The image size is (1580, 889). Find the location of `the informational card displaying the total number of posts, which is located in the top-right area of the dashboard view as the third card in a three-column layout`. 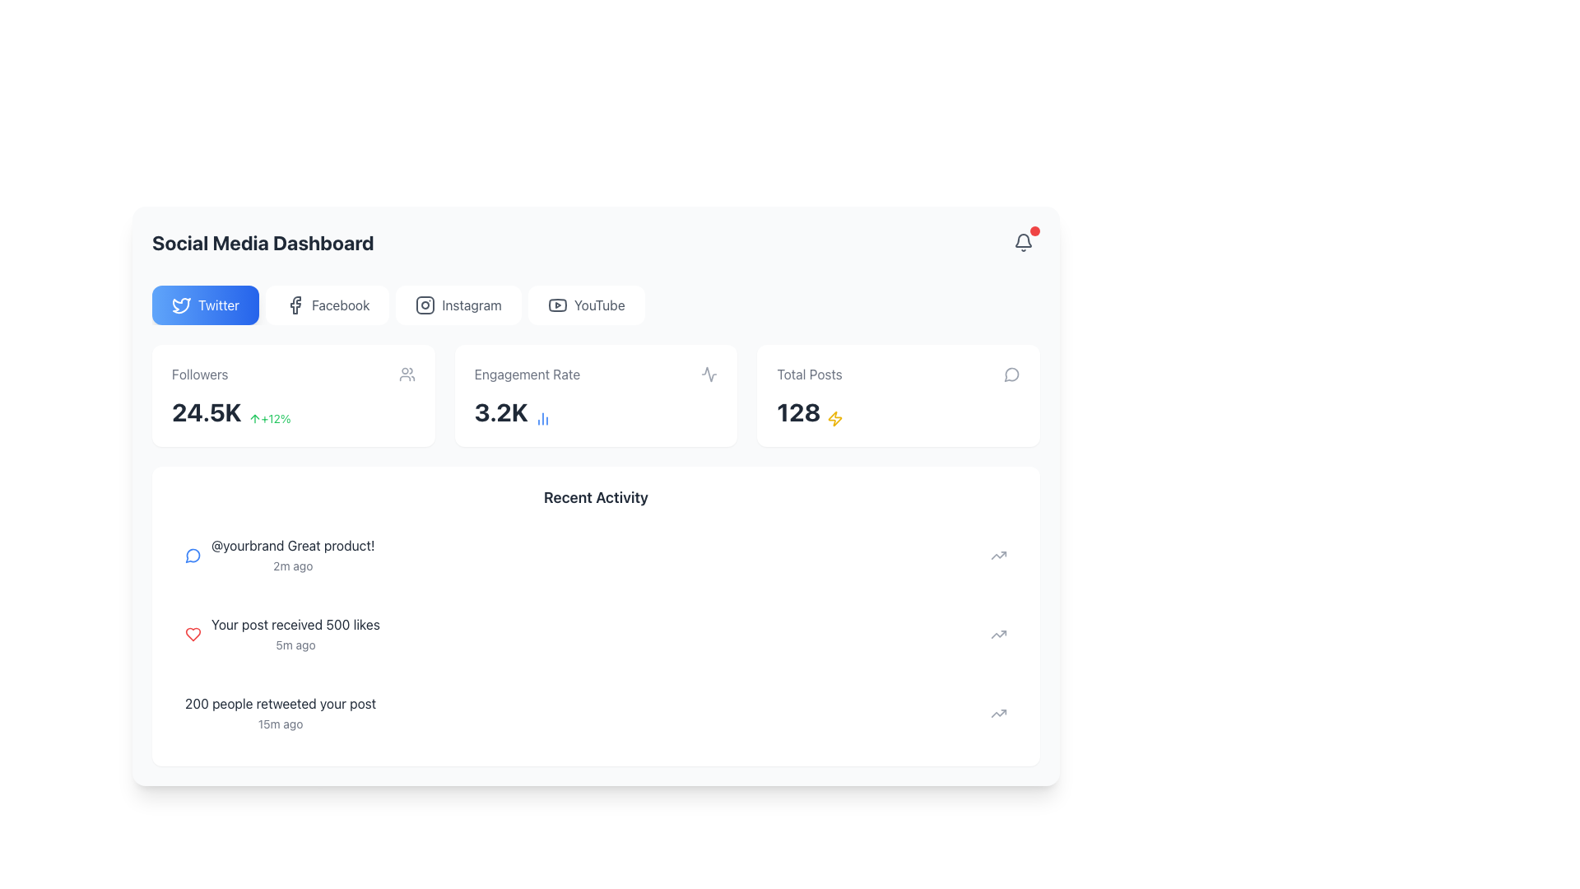

the informational card displaying the total number of posts, which is located in the top-right area of the dashboard view as the third card in a three-column layout is located at coordinates (898, 396).